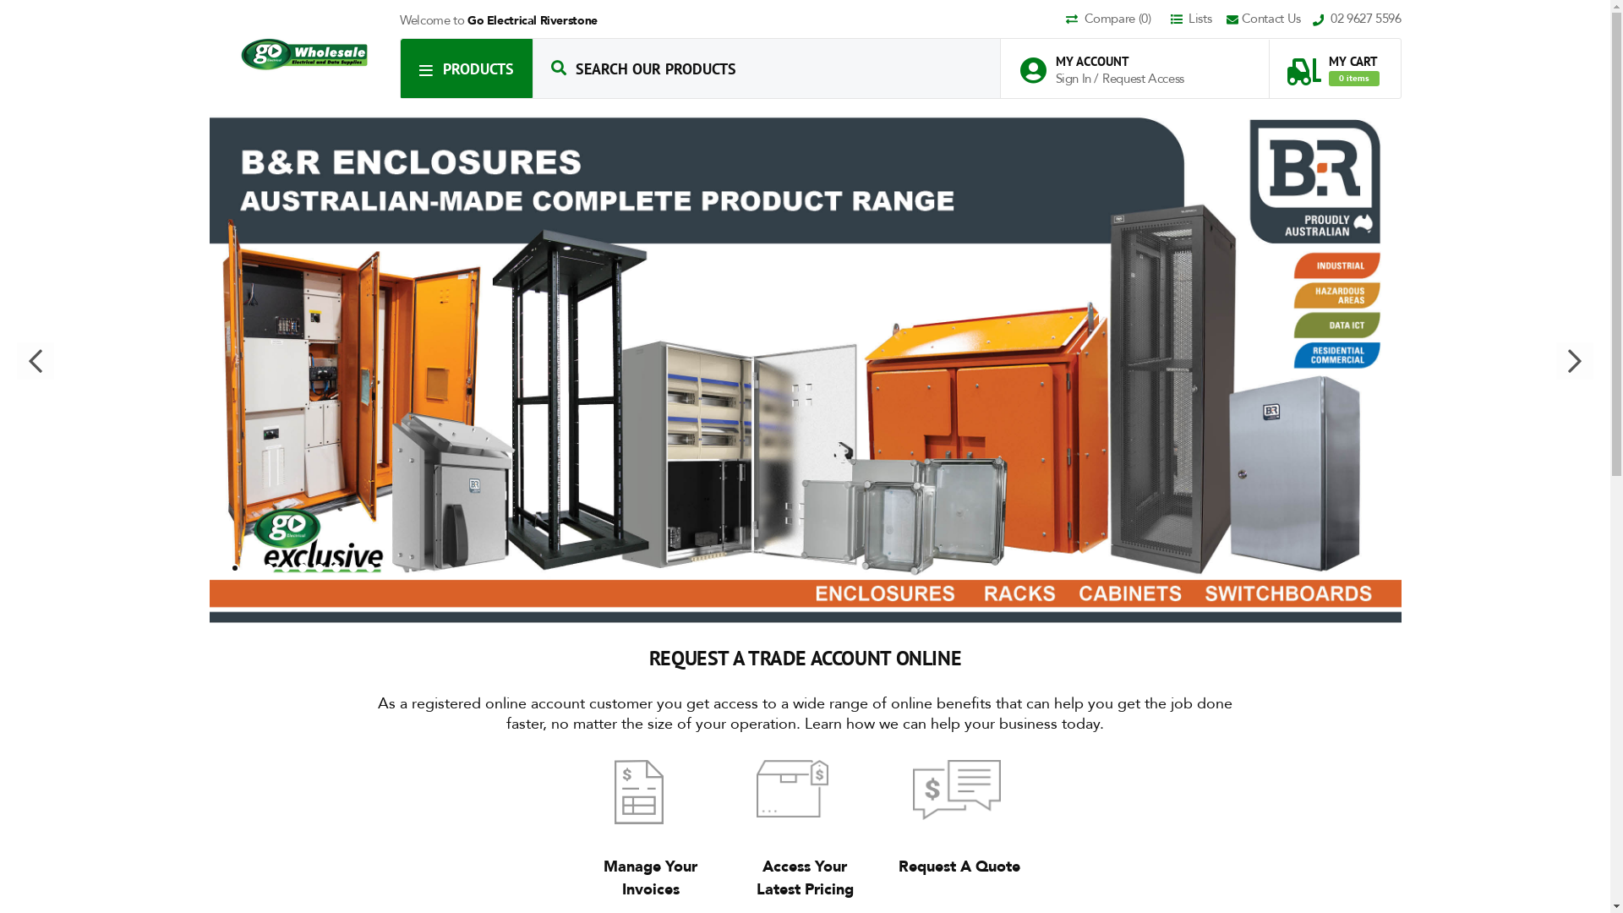 The width and height of the screenshot is (1623, 913). What do you see at coordinates (368, 567) in the screenshot?
I see `'10'` at bounding box center [368, 567].